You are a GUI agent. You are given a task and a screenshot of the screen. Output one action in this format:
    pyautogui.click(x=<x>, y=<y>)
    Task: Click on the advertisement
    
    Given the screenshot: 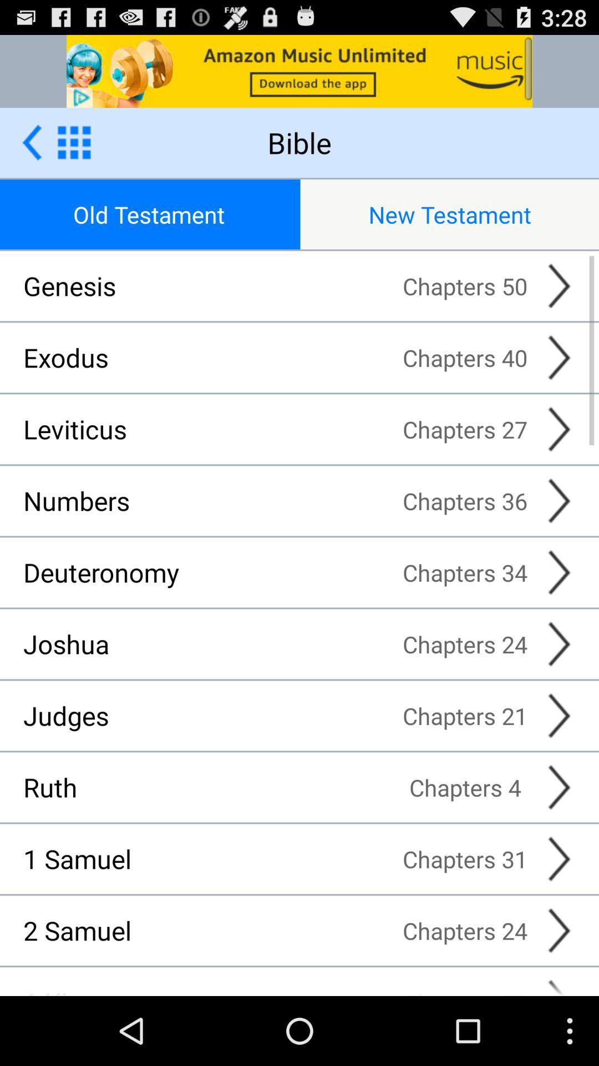 What is the action you would take?
    pyautogui.click(x=31, y=142)
    